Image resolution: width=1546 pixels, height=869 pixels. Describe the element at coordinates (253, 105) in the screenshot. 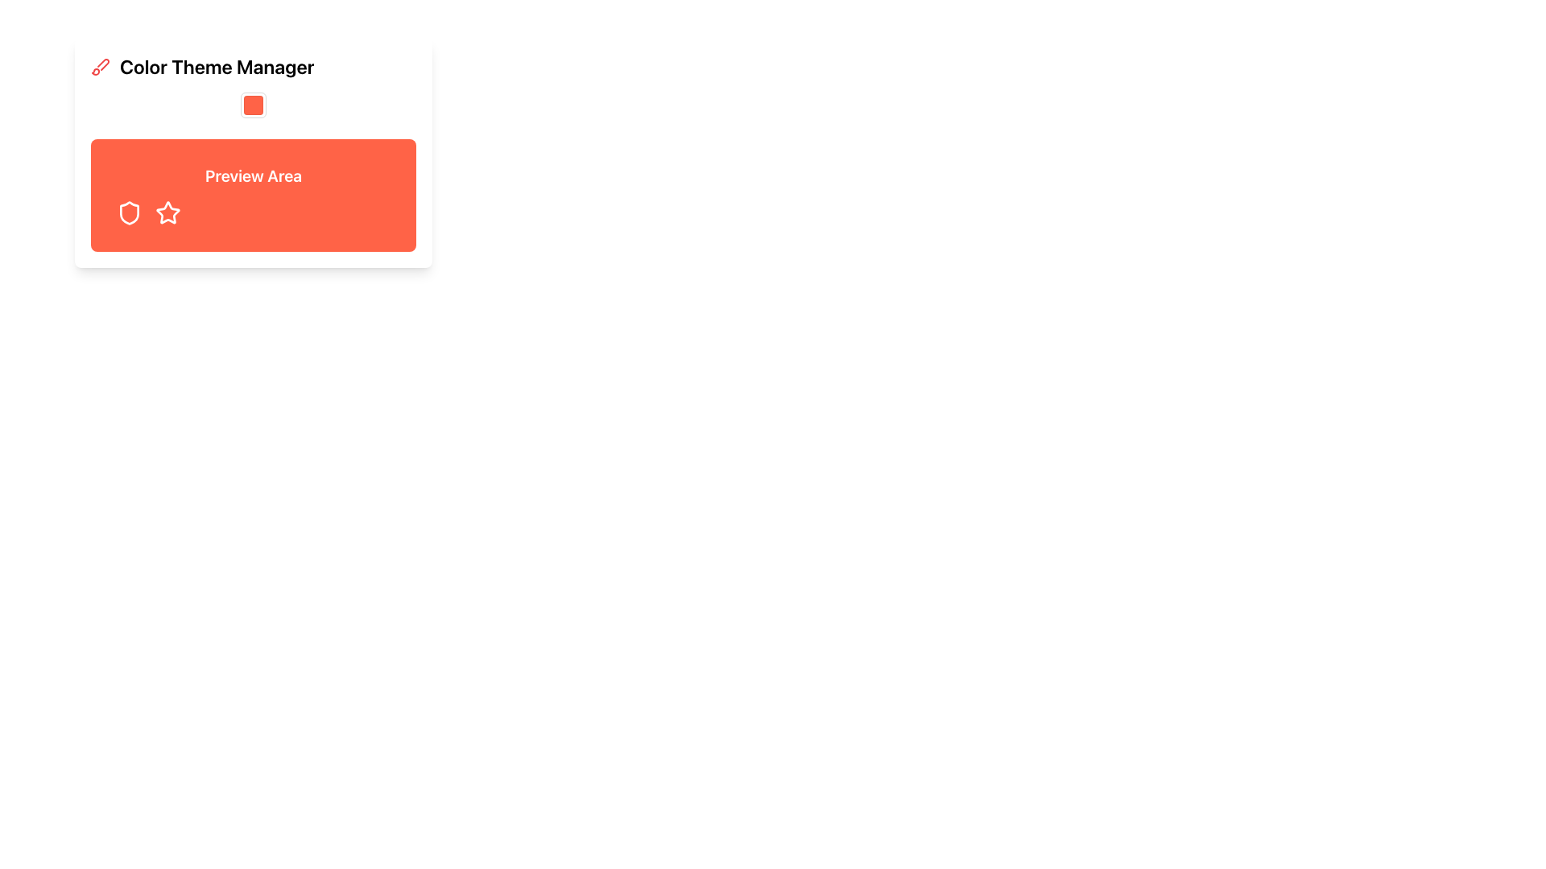

I see `the Color Picker Trigger located centrally below the title 'Color Theme Manager'` at that location.